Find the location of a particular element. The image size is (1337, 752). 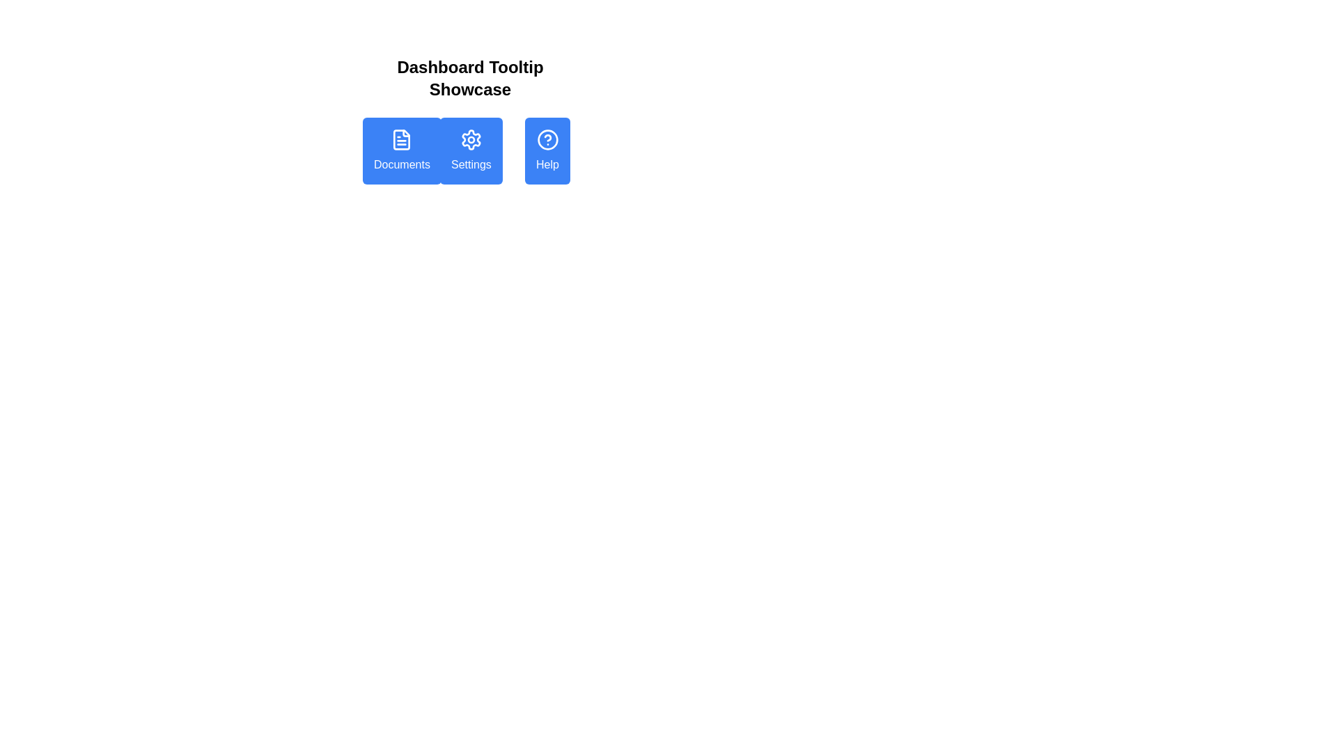

the gear icon, which is the second button in a group of three horizontally arranged buttons is located at coordinates (471, 139).